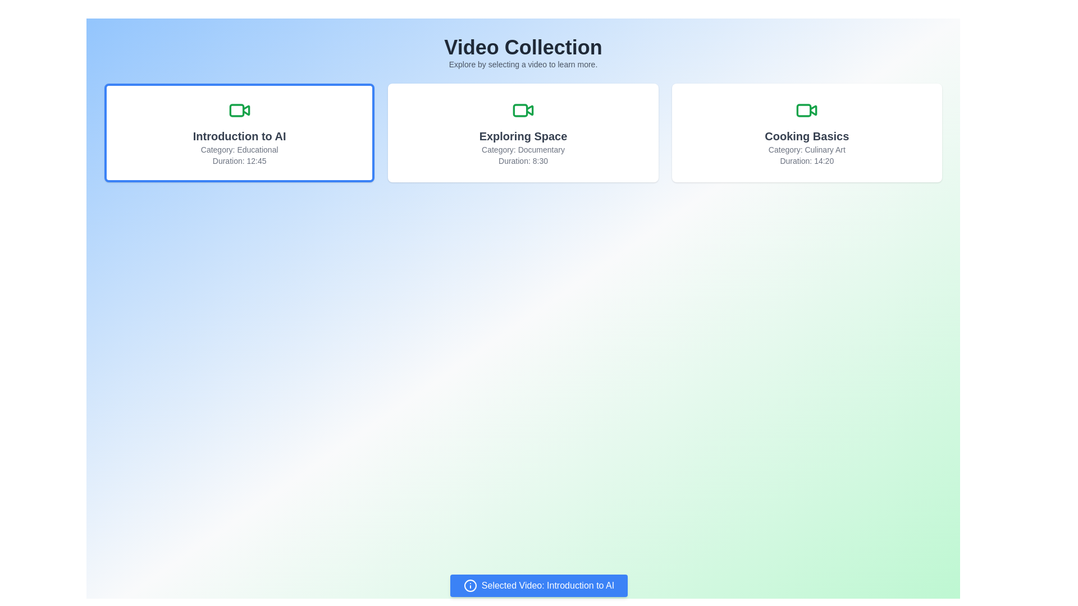 Image resolution: width=1078 pixels, height=606 pixels. I want to click on the details of the SVG Rectangle that is part of the video camera icon associated with the 'Cooking Basics' card, located in the rightmost position among the three video cards, so click(803, 110).